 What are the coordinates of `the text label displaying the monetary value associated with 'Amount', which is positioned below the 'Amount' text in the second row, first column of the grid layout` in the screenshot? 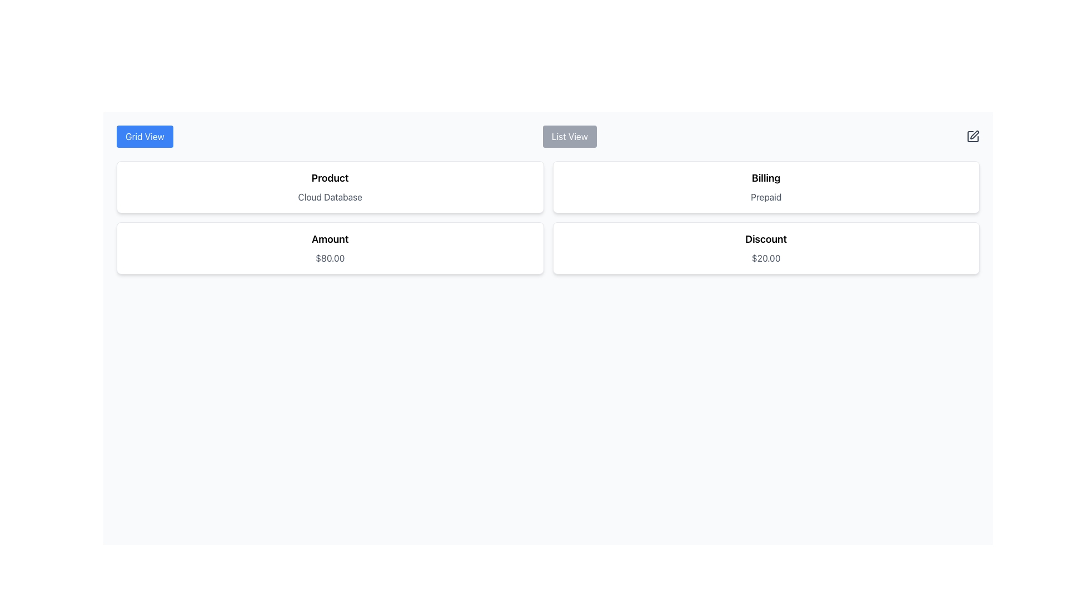 It's located at (330, 258).